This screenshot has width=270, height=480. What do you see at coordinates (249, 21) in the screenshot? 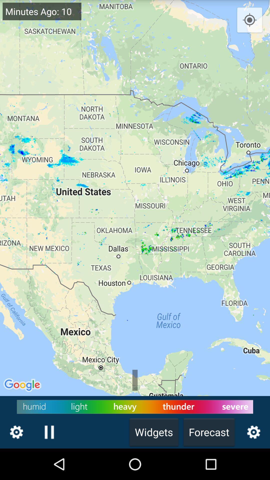
I see `the location_crosshair icon` at bounding box center [249, 21].